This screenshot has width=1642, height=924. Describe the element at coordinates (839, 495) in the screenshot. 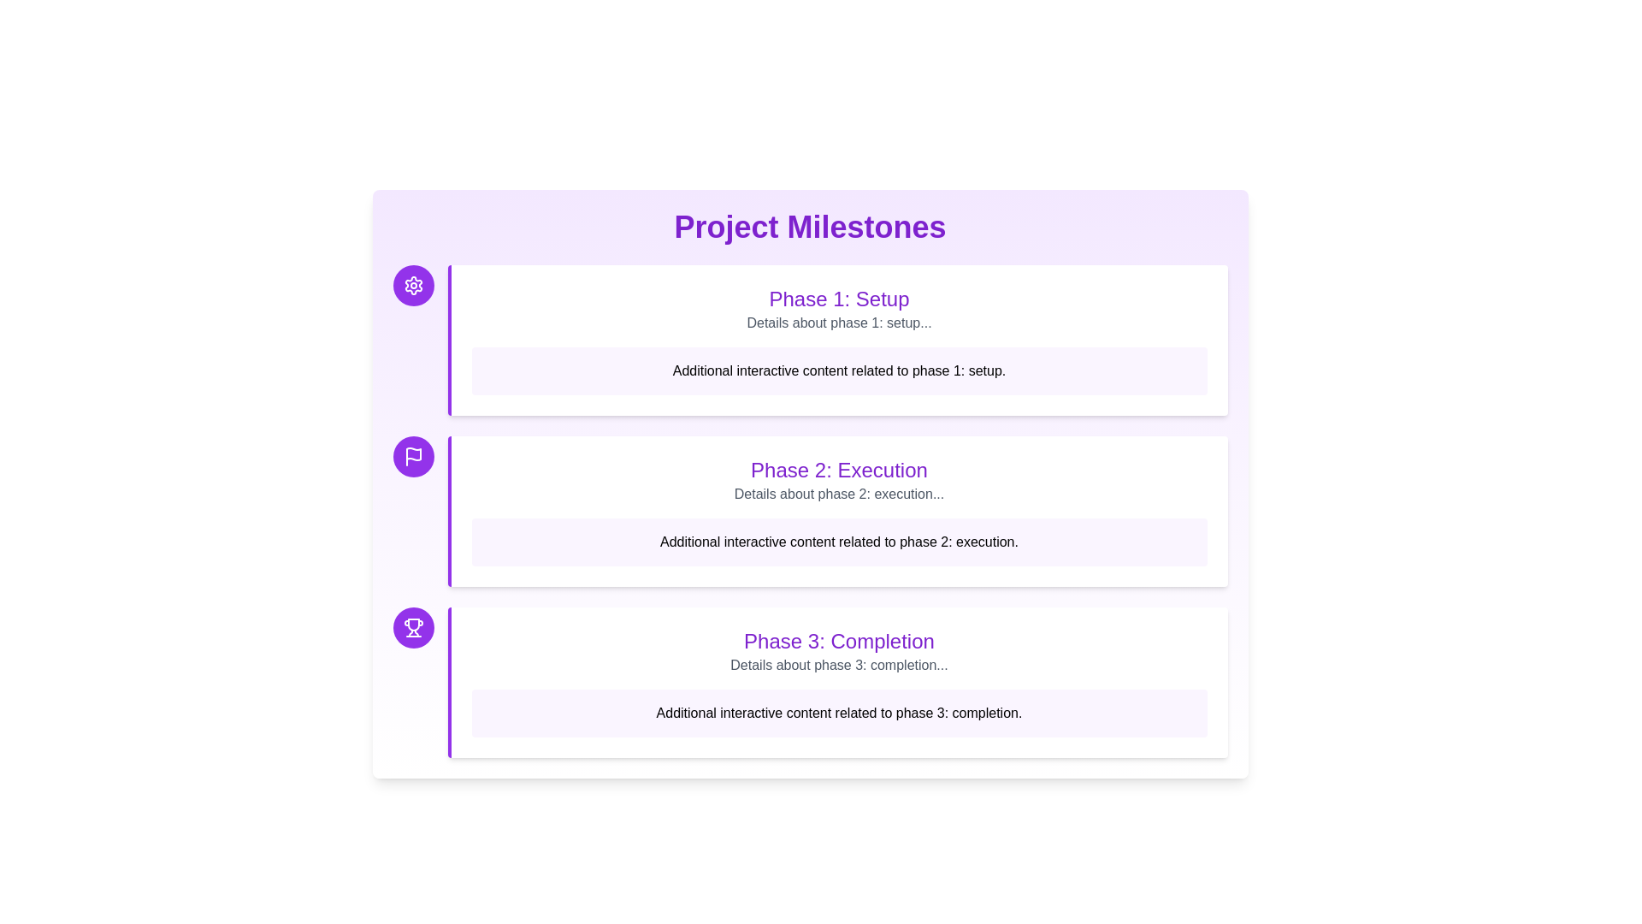

I see `static text element stating 'Details about phase 2: execution...' located under the heading 'Phase 2: Execution'` at that location.